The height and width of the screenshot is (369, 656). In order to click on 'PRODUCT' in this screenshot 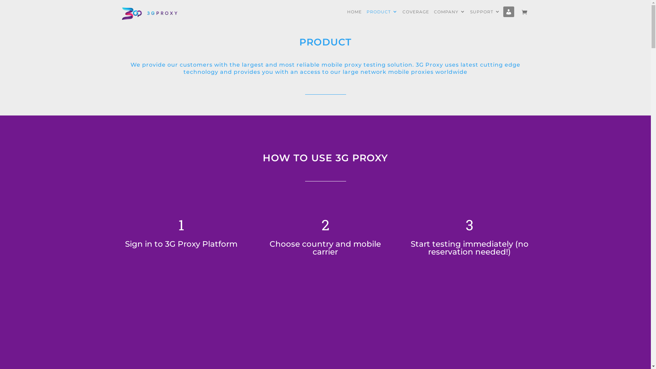, I will do `click(381, 16)`.